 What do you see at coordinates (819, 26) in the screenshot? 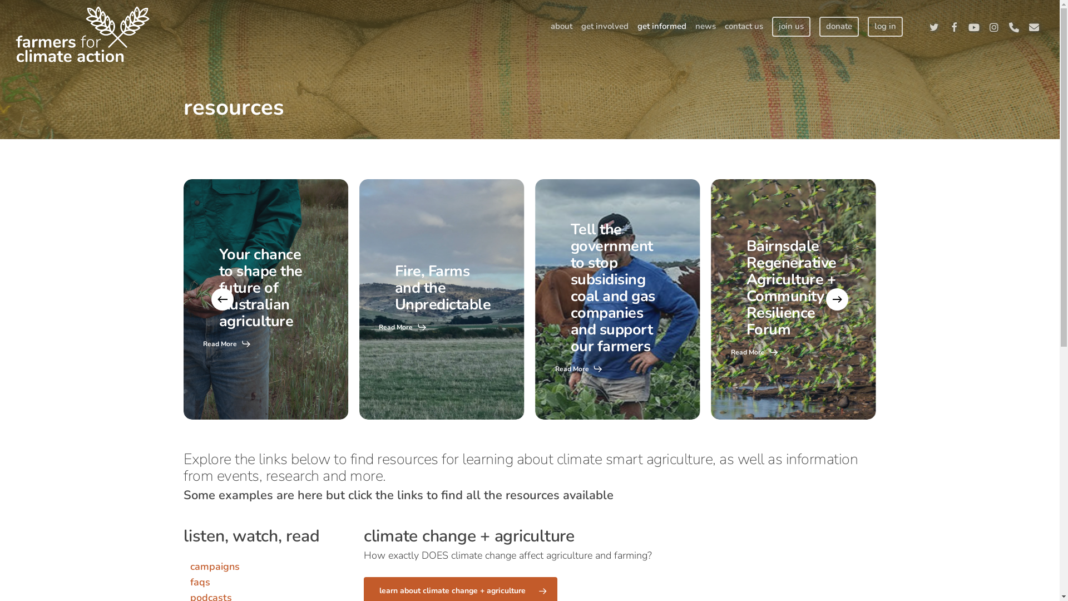
I see `'donate'` at bounding box center [819, 26].